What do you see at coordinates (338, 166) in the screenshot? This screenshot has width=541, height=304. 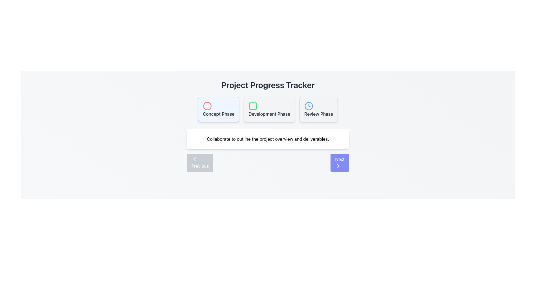 I see `the right-pointing chevron icon located on the right side of the 'Next' button with a blue background and white text` at bounding box center [338, 166].